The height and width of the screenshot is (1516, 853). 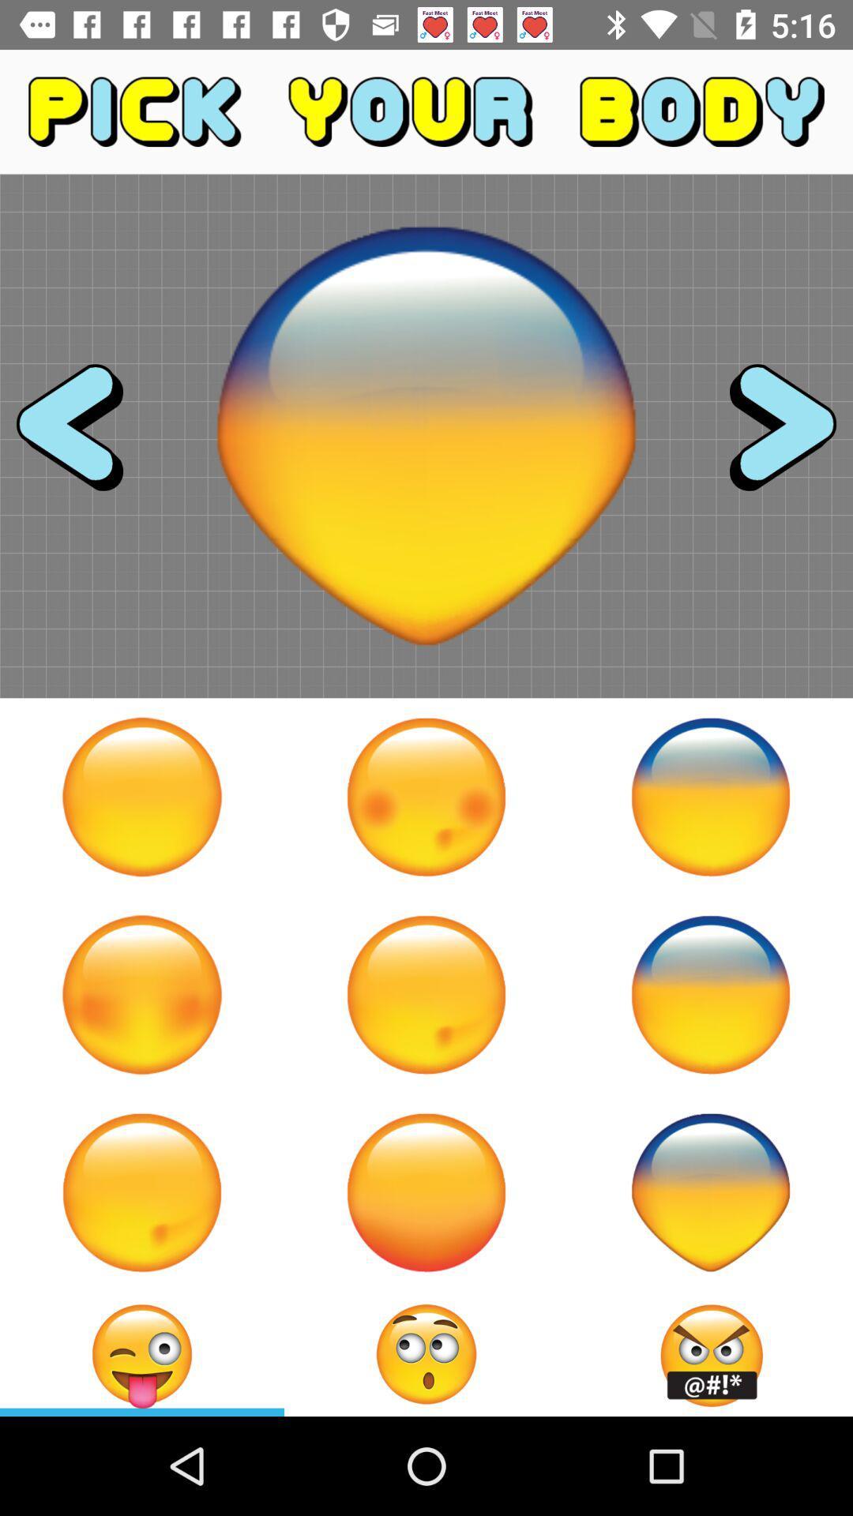 What do you see at coordinates (709, 797) in the screenshot?
I see `quieres ser un emoticono` at bounding box center [709, 797].